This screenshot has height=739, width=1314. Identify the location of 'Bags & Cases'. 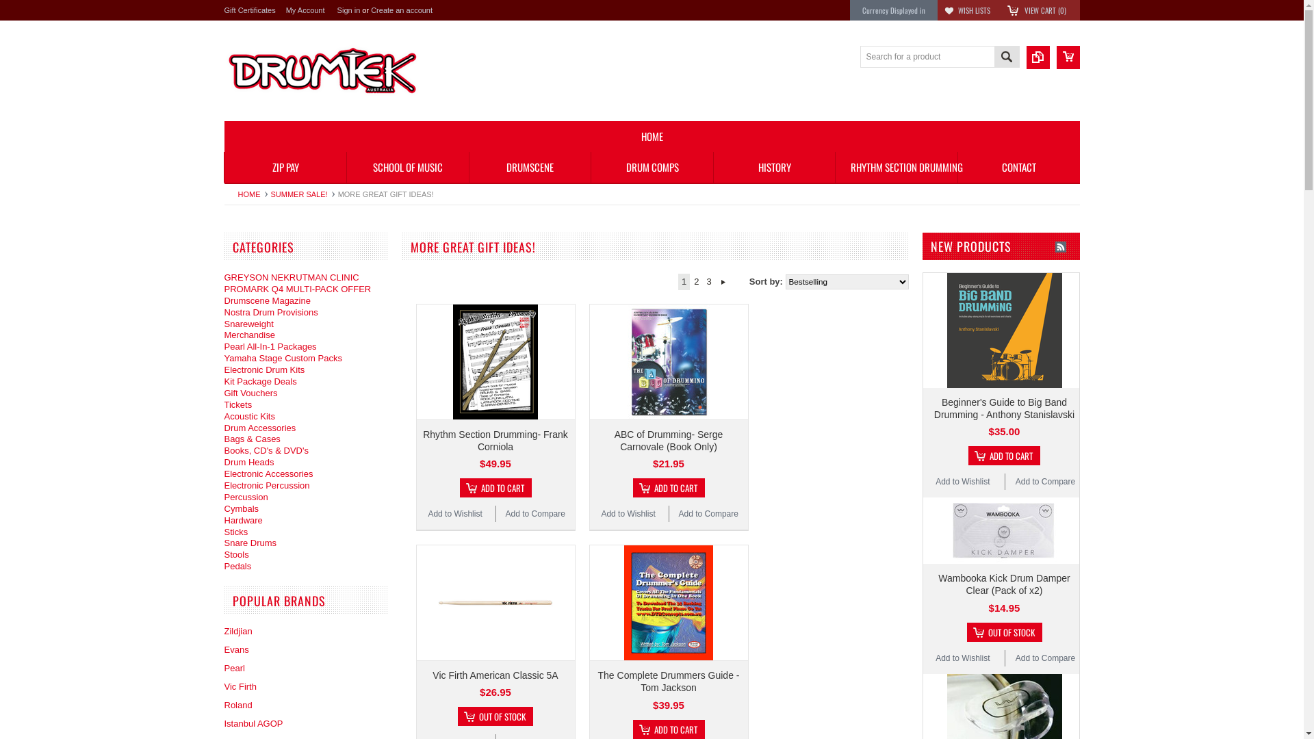
(253, 439).